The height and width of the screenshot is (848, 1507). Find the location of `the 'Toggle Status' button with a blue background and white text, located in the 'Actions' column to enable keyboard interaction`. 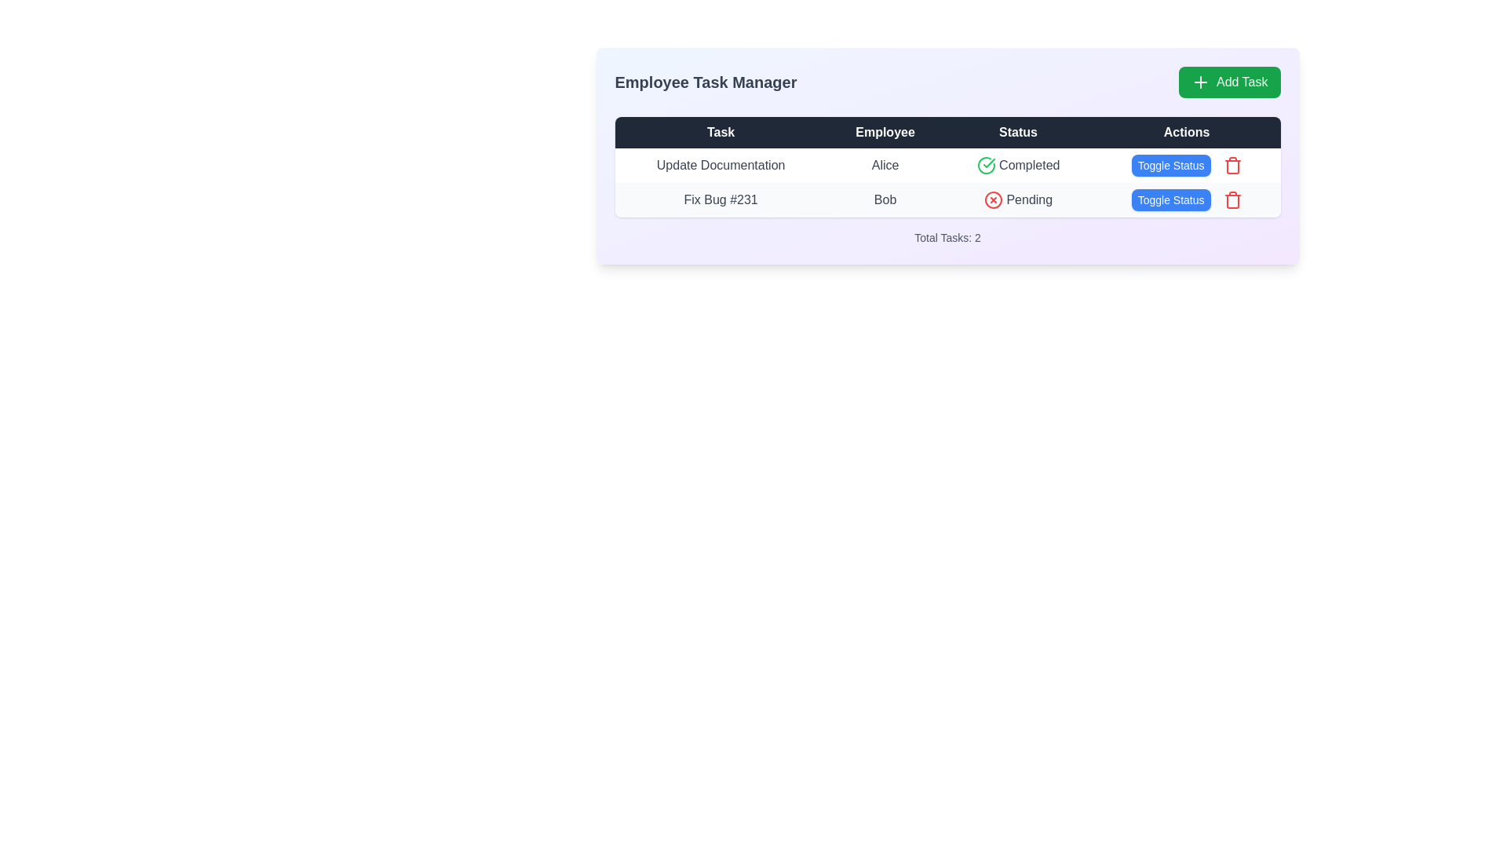

the 'Toggle Status' button with a blue background and white text, located in the 'Actions' column to enable keyboard interaction is located at coordinates (1171, 166).